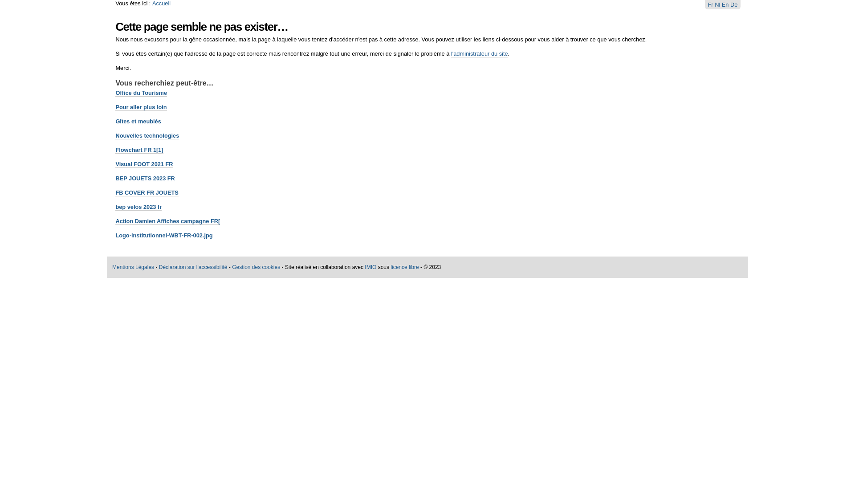 Image resolution: width=855 pixels, height=481 pixels. Describe the element at coordinates (730, 4) in the screenshot. I see `'De'` at that location.